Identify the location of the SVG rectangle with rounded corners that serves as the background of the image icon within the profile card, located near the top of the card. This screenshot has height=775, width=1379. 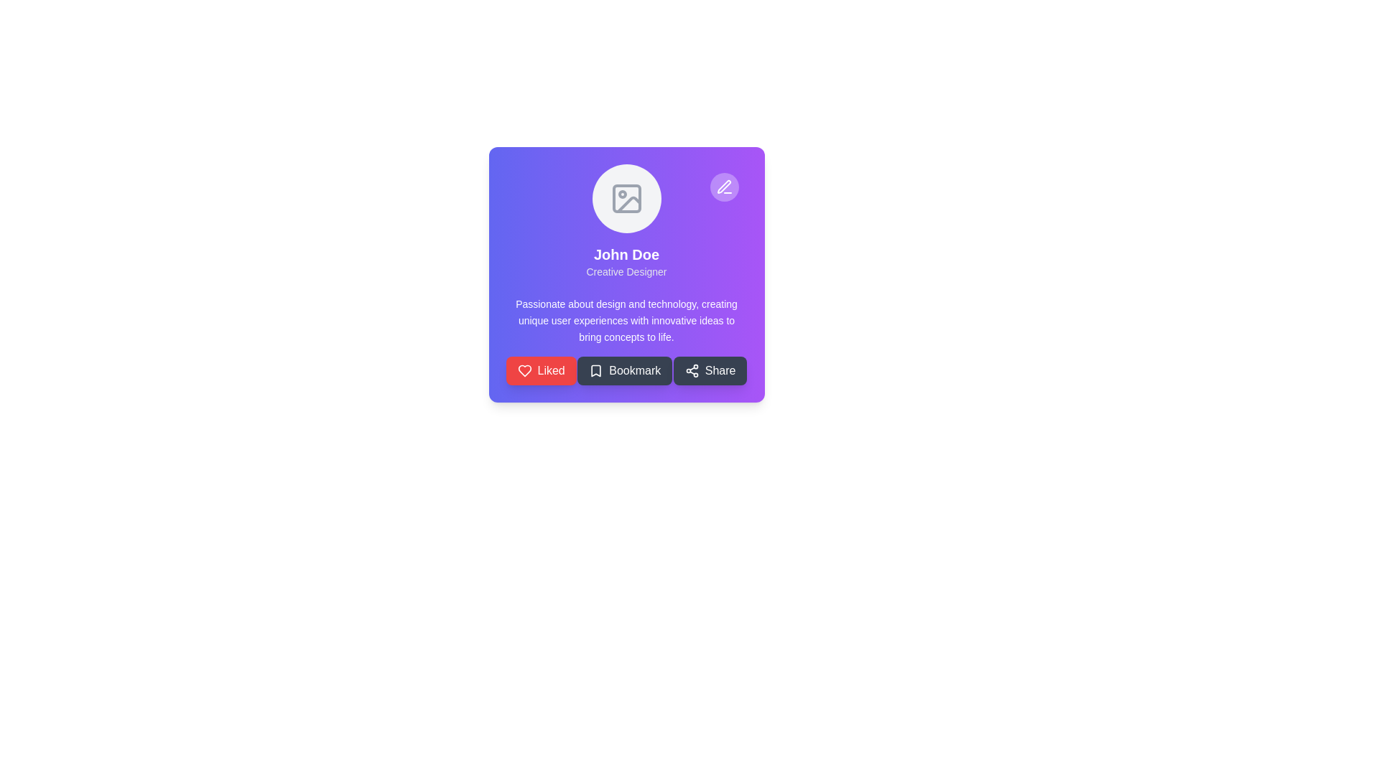
(626, 199).